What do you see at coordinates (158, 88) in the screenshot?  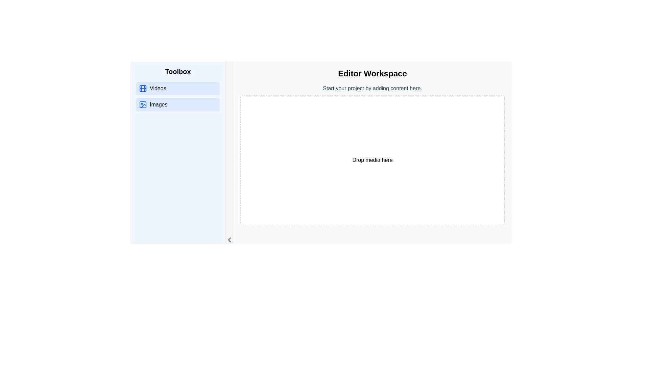 I see `the text label reading 'Videos' which is styled in black font on a light blue background, located in the Toolbox section above the 'Images' option` at bounding box center [158, 88].